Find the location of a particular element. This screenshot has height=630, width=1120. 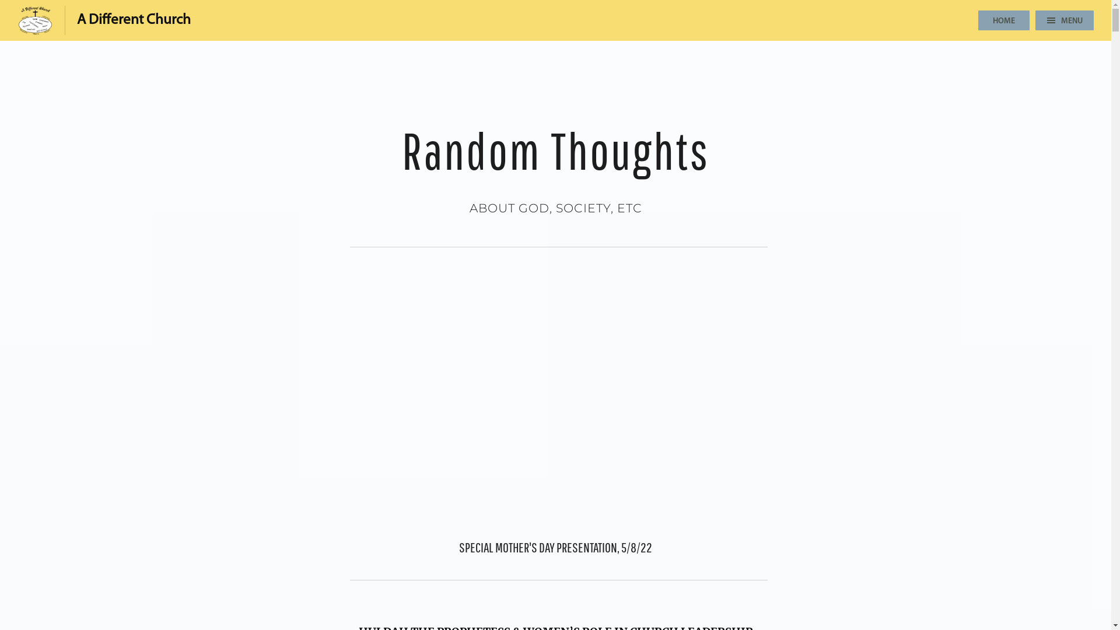

'A Different Church' is located at coordinates (104, 20).